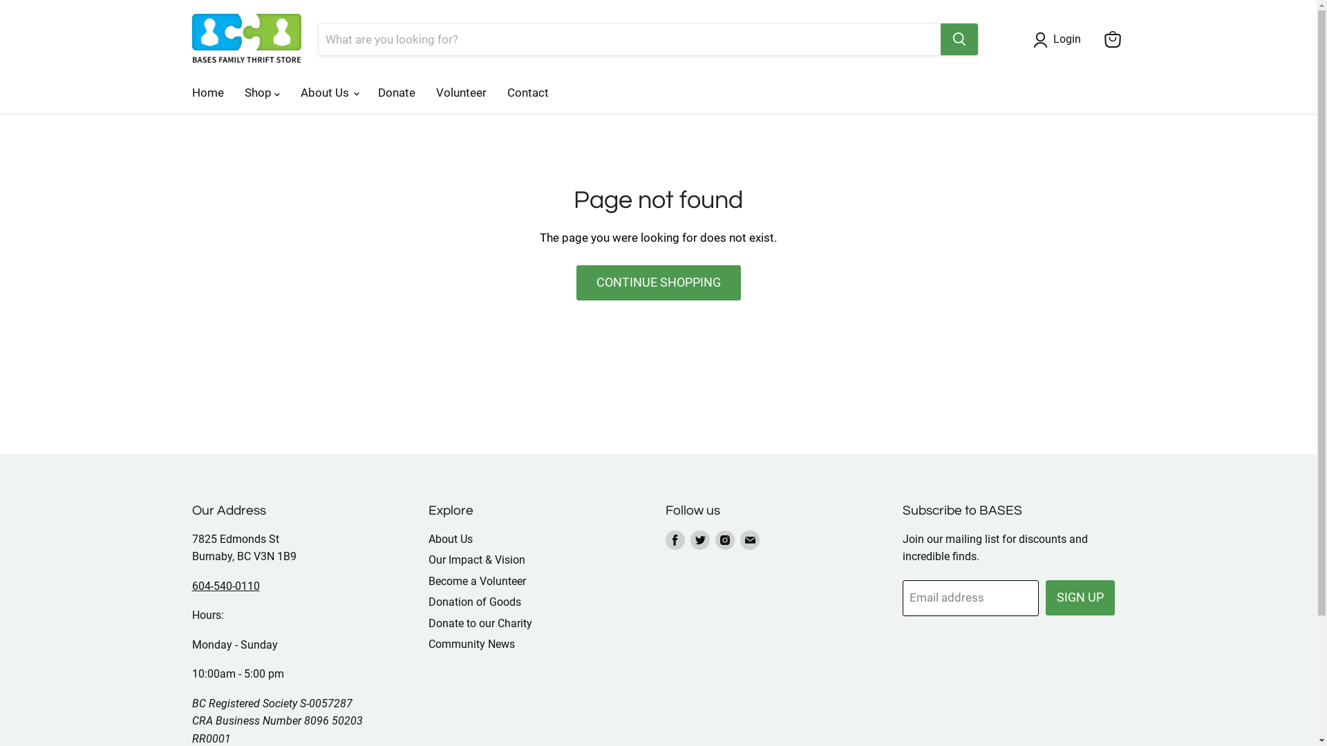 This screenshot has height=746, width=1327. I want to click on 'Volunteer', so click(424, 93).